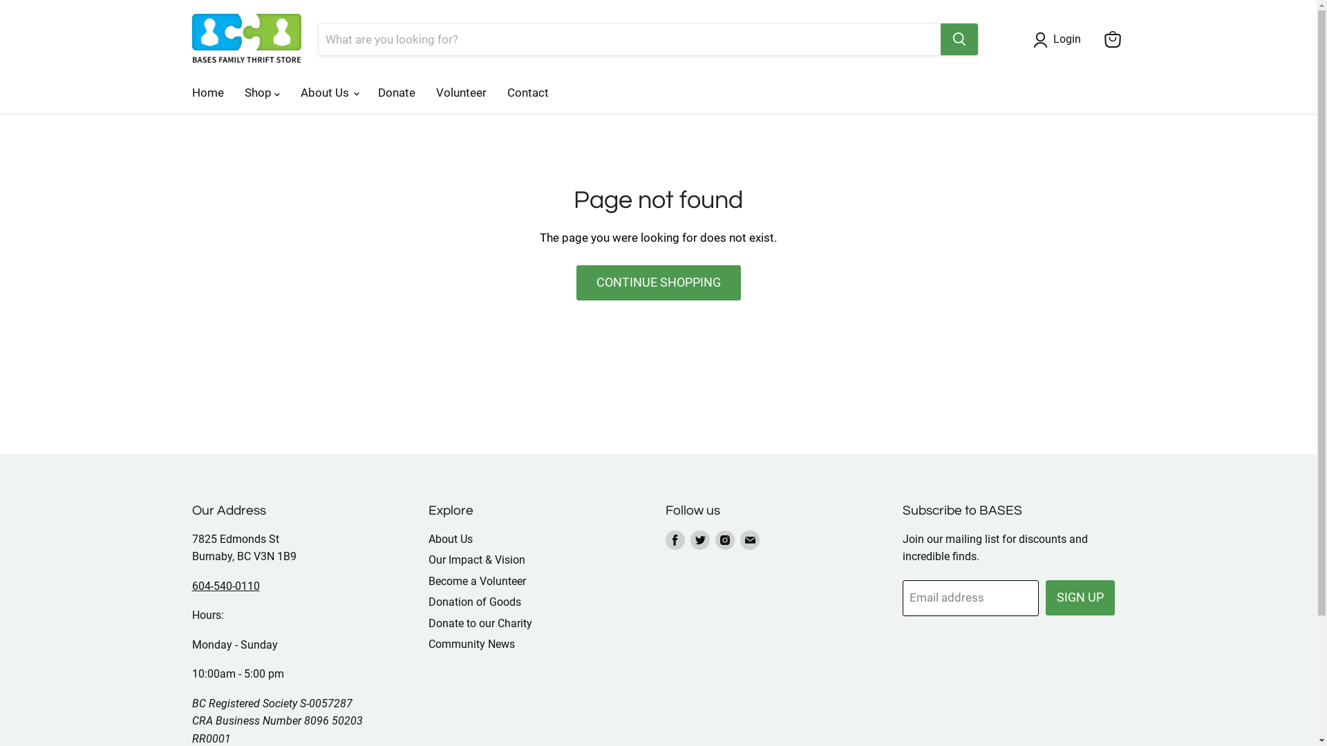 This screenshot has height=746, width=1327. I want to click on 'Volunteer', so click(424, 93).